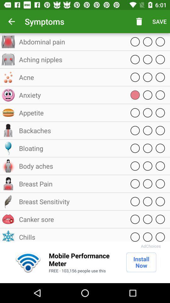  What do you see at coordinates (71, 113) in the screenshot?
I see `icon above backaches icon` at bounding box center [71, 113].